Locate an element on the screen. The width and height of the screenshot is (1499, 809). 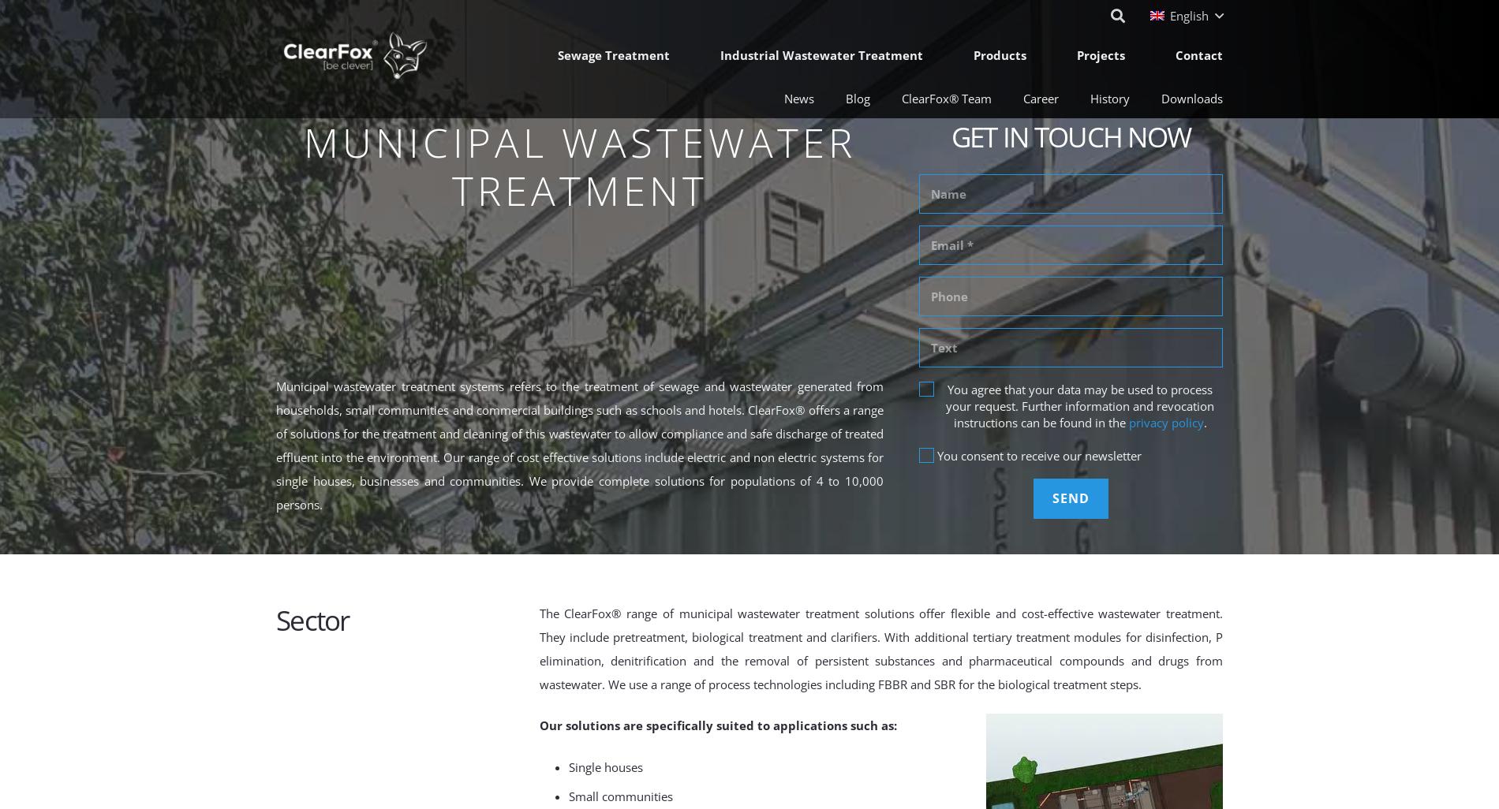
'Blog' is located at coordinates (858, 98).